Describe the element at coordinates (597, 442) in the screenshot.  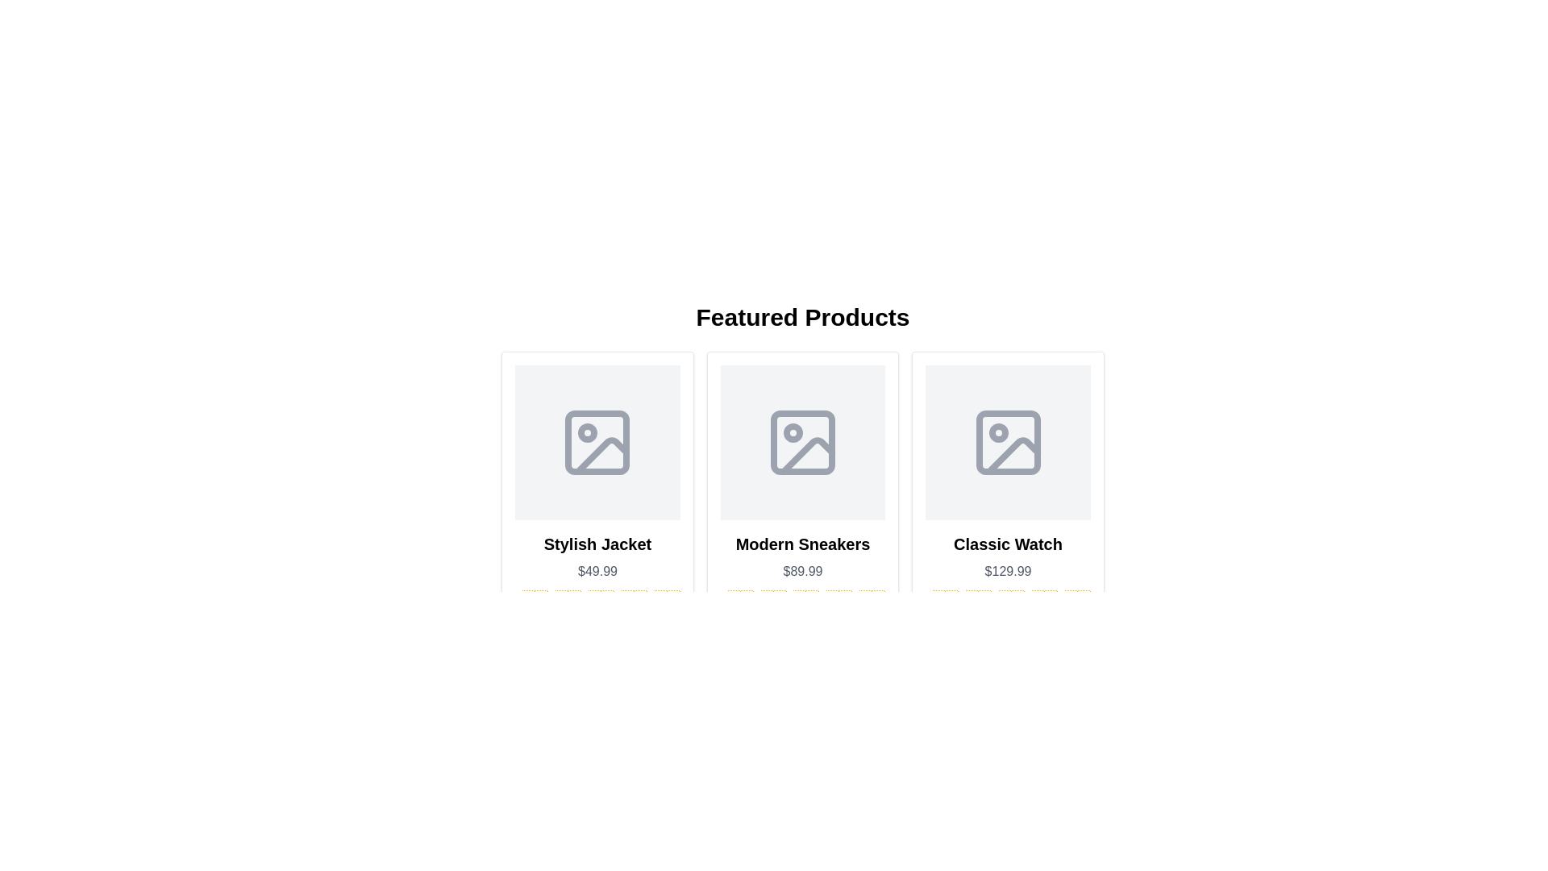
I see `the graphical rectangle with rounded corners located at the top-left corner of the 'Stylish Jacket' card under the 'Featured Products' header` at that location.